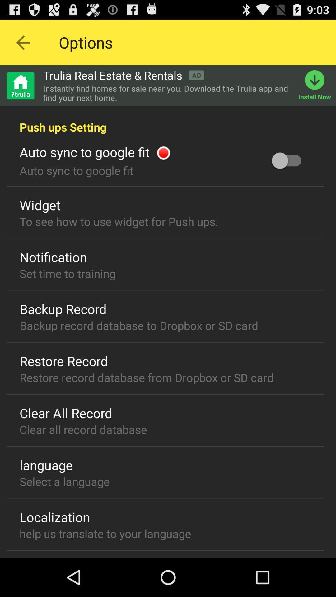 The height and width of the screenshot is (597, 336). Describe the element at coordinates (20, 85) in the screenshot. I see `home` at that location.